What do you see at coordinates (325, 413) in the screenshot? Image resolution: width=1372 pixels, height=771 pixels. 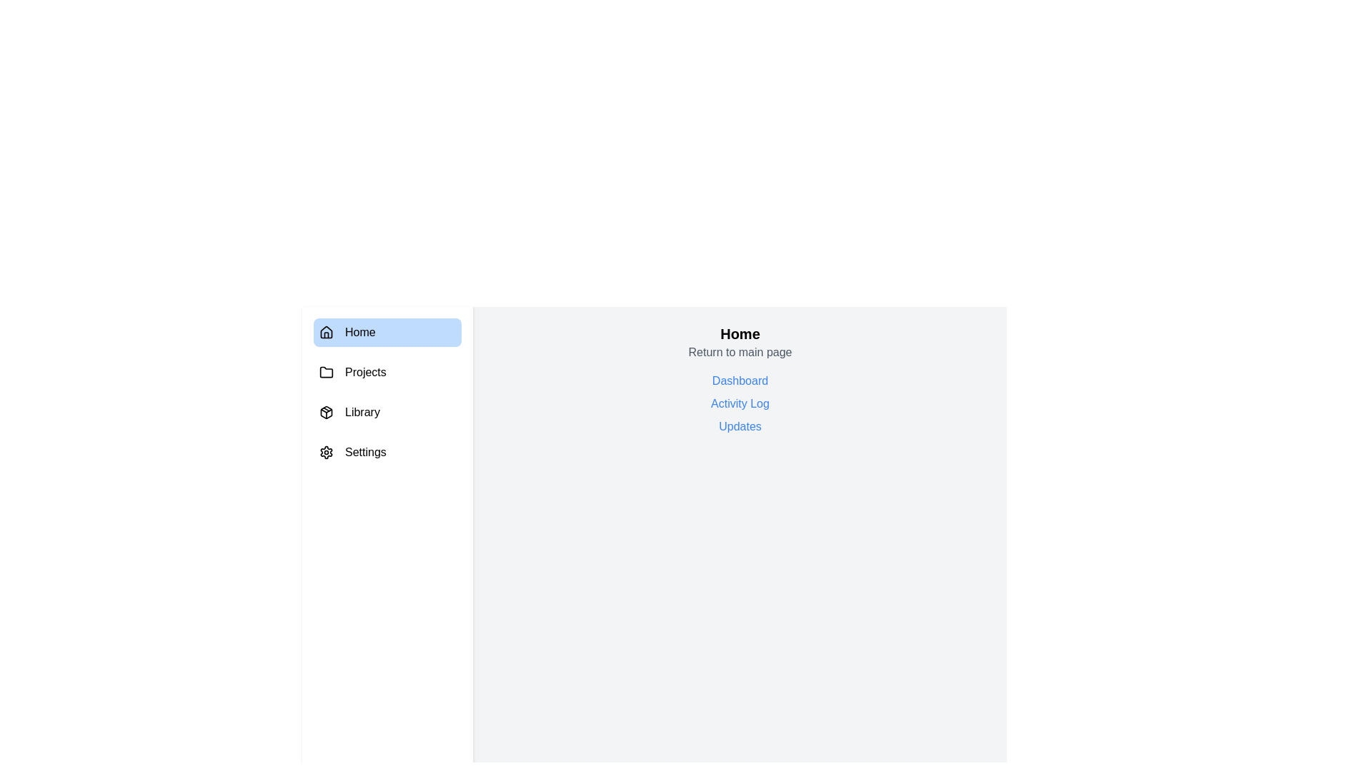 I see `the package icon located in the sidebar menu, which is positioned below the 'Projects' icon and above the 'Settings' icon in the 'Library' section` at bounding box center [325, 413].